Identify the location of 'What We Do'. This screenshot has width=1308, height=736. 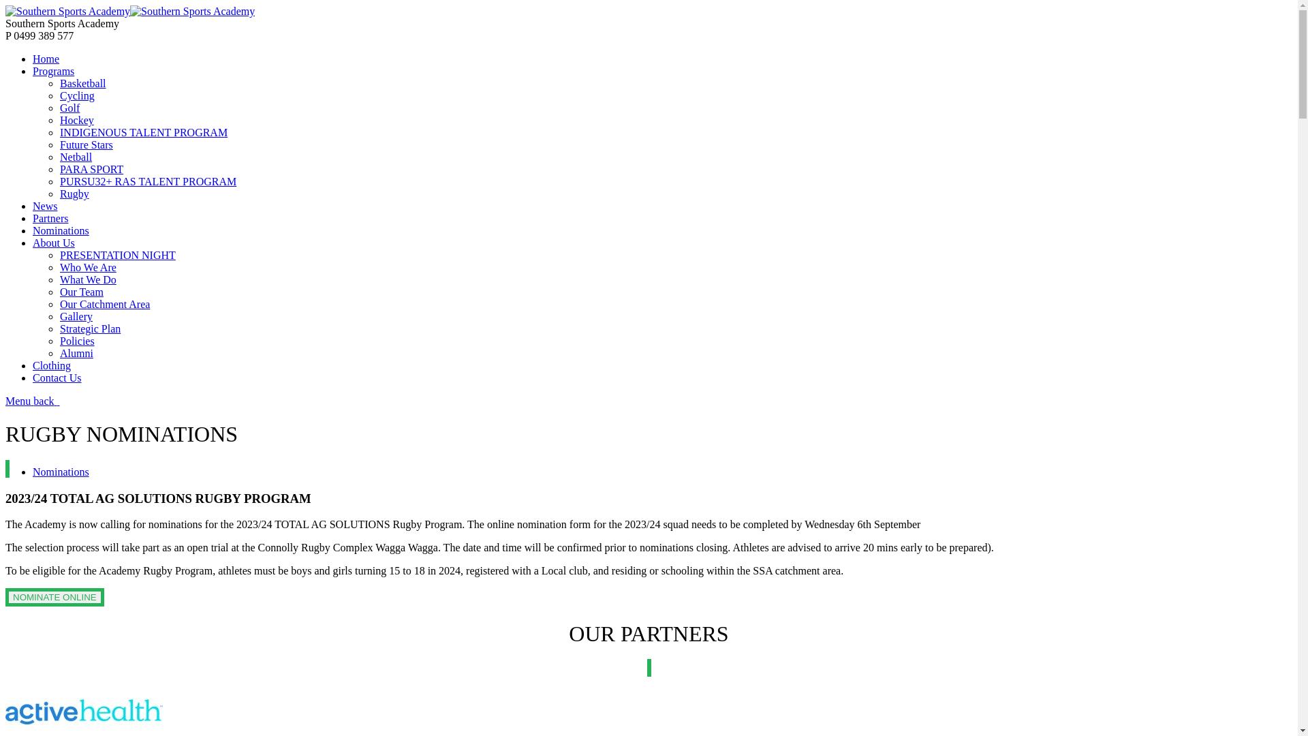
(87, 279).